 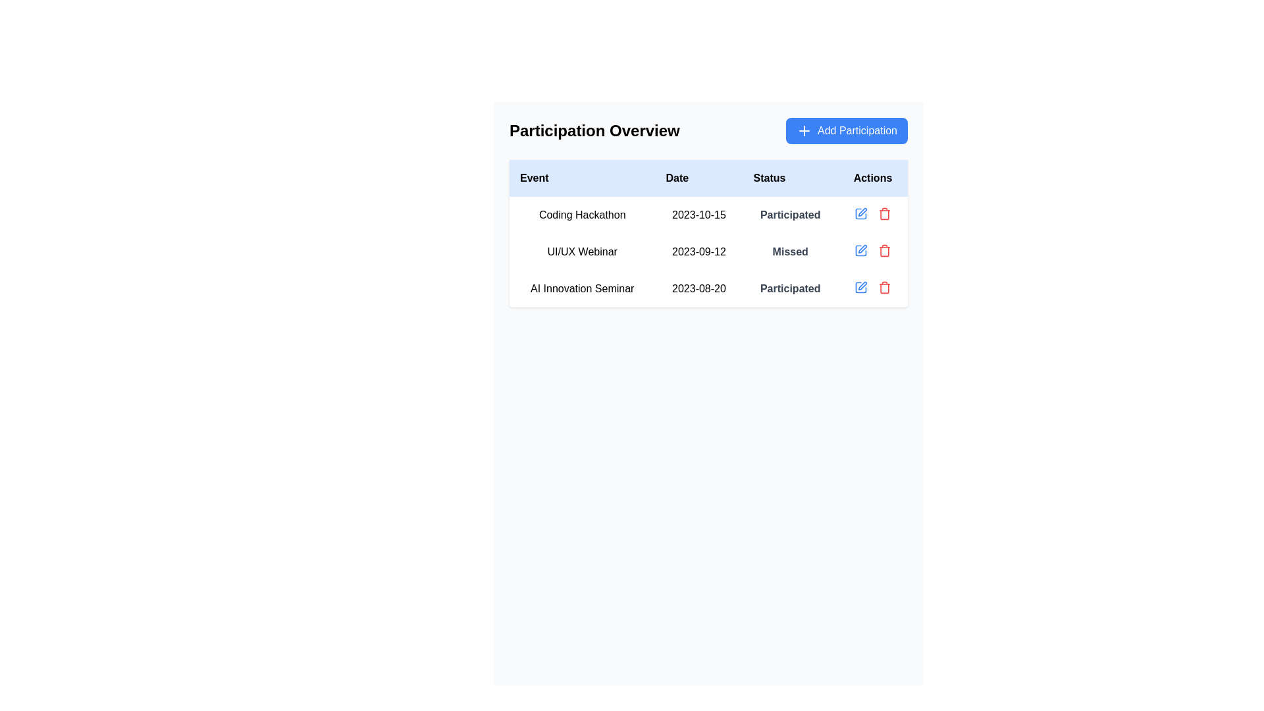 What do you see at coordinates (790, 215) in the screenshot?
I see `the label displaying 'Participated' in the 'Status' column of the 'Participation Overview' table for the event 'Coding Hackathon' dated '2023-10-15'` at bounding box center [790, 215].